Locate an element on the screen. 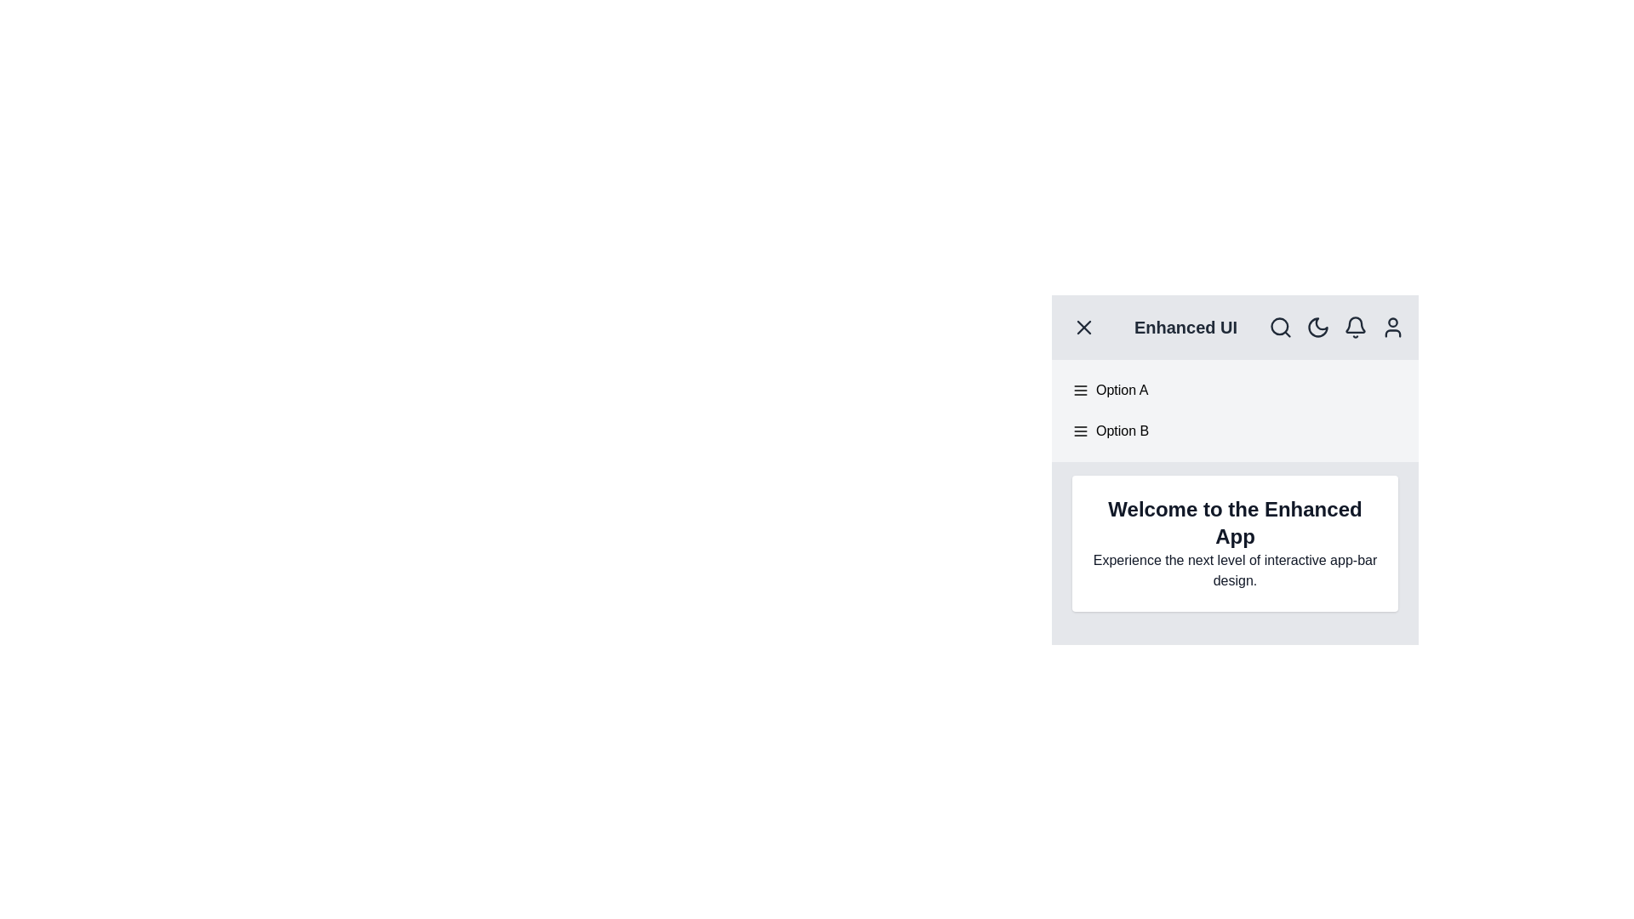  the search icon in the AppBarEnhancer component is located at coordinates (1280, 328).